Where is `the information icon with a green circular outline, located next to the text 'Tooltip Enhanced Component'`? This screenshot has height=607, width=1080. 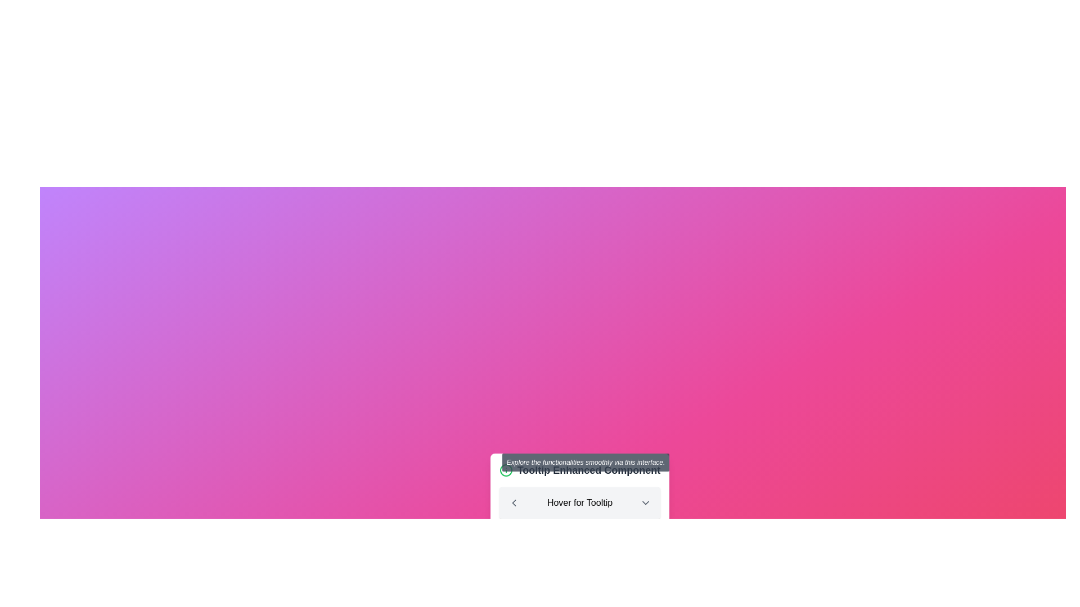 the information icon with a green circular outline, located next to the text 'Tooltip Enhanced Component' is located at coordinates (505, 470).